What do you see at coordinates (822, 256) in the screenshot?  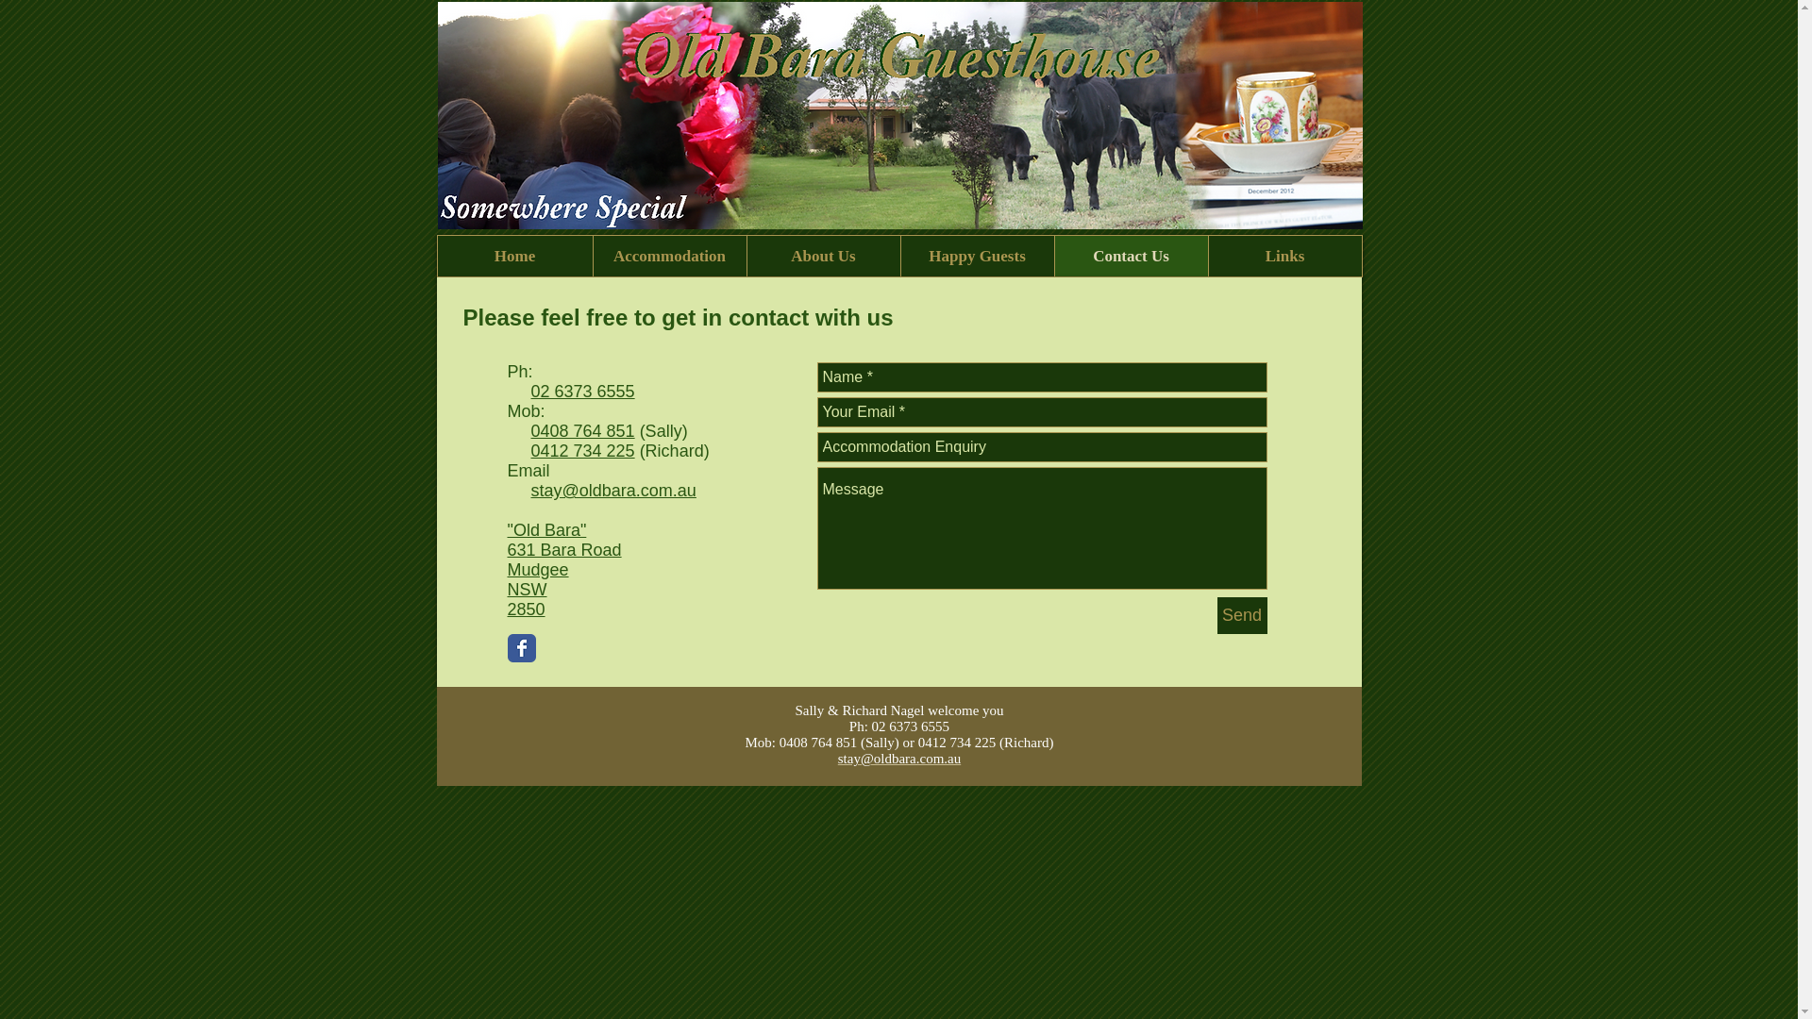 I see `'About Us'` at bounding box center [822, 256].